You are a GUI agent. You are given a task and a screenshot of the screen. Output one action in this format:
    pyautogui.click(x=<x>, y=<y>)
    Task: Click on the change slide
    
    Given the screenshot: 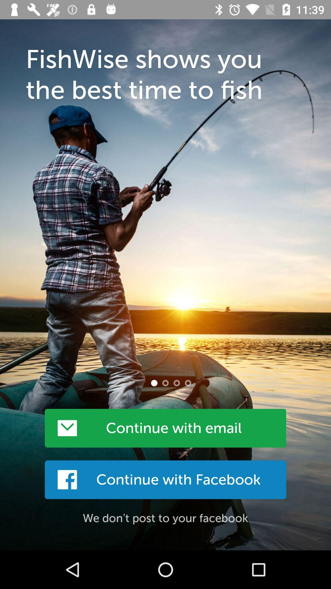 What is the action you would take?
    pyautogui.click(x=165, y=383)
    